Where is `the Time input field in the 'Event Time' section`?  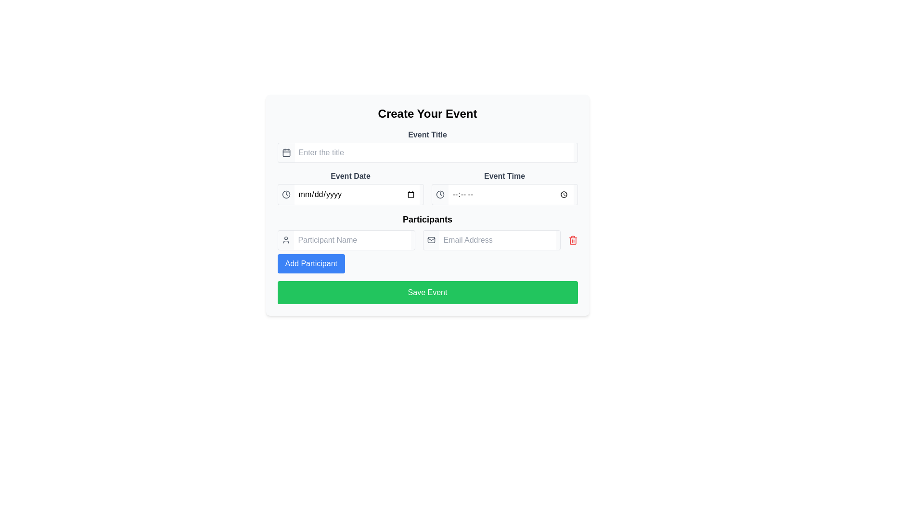
the Time input field in the 'Event Time' section is located at coordinates (504, 195).